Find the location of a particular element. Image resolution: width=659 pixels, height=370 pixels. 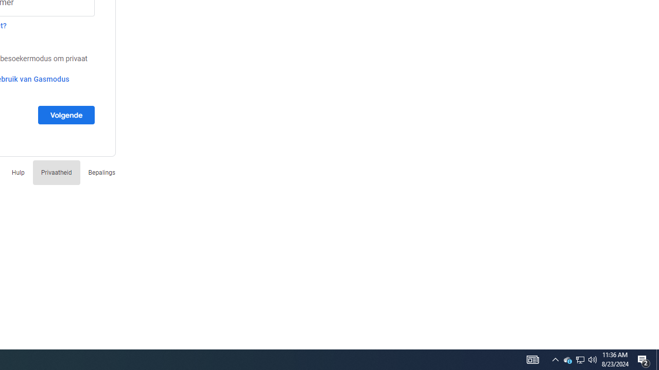

'Privaatheid' is located at coordinates (56, 172).